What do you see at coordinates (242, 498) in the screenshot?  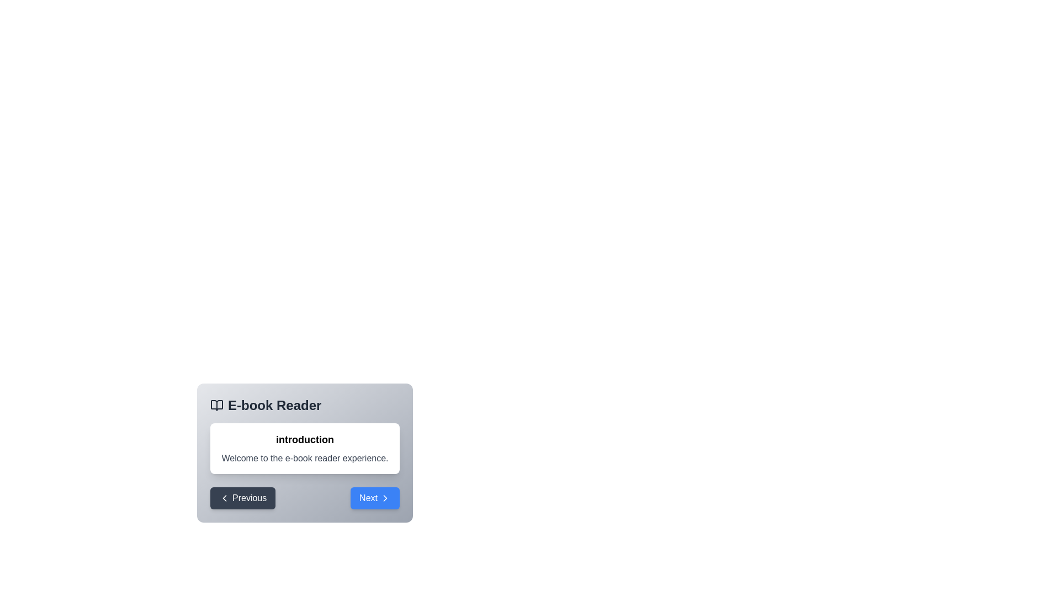 I see `the 'Previous' button, which has a dark gray background, white text, and a left-facing arrow icon` at bounding box center [242, 498].